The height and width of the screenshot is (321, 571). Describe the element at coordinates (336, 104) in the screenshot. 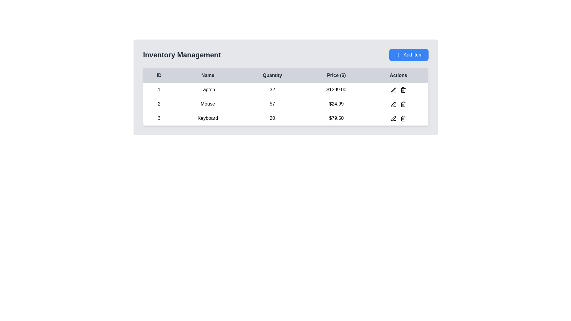

I see `the text element displaying the cost of the item 'Mouse' in the 'Price ($)' column of the inventory management table` at that location.